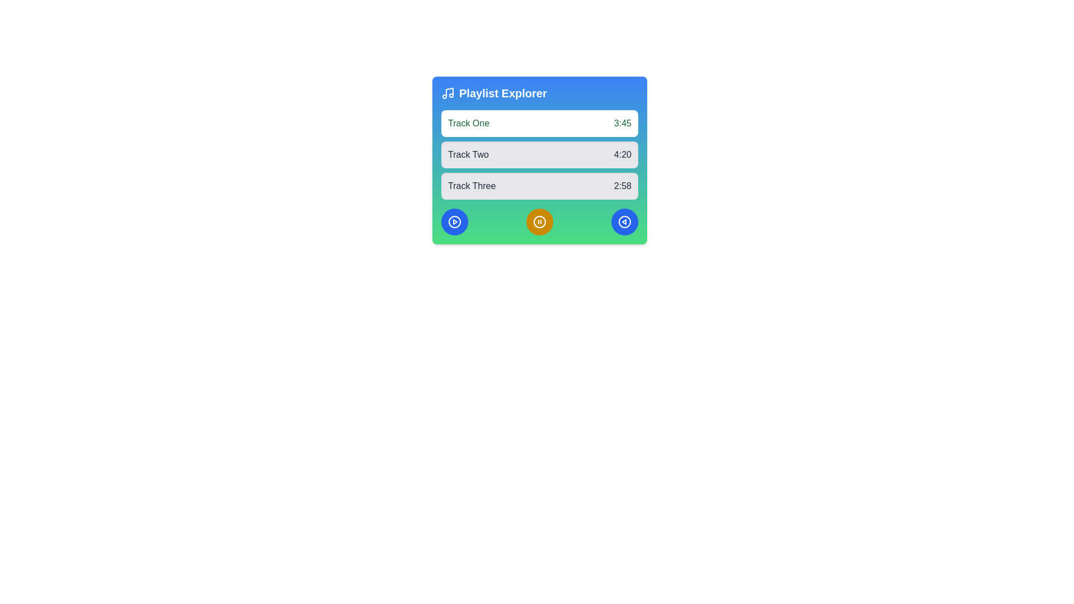  Describe the element at coordinates (454, 222) in the screenshot. I see `the leftmost button in the playlist interface` at that location.